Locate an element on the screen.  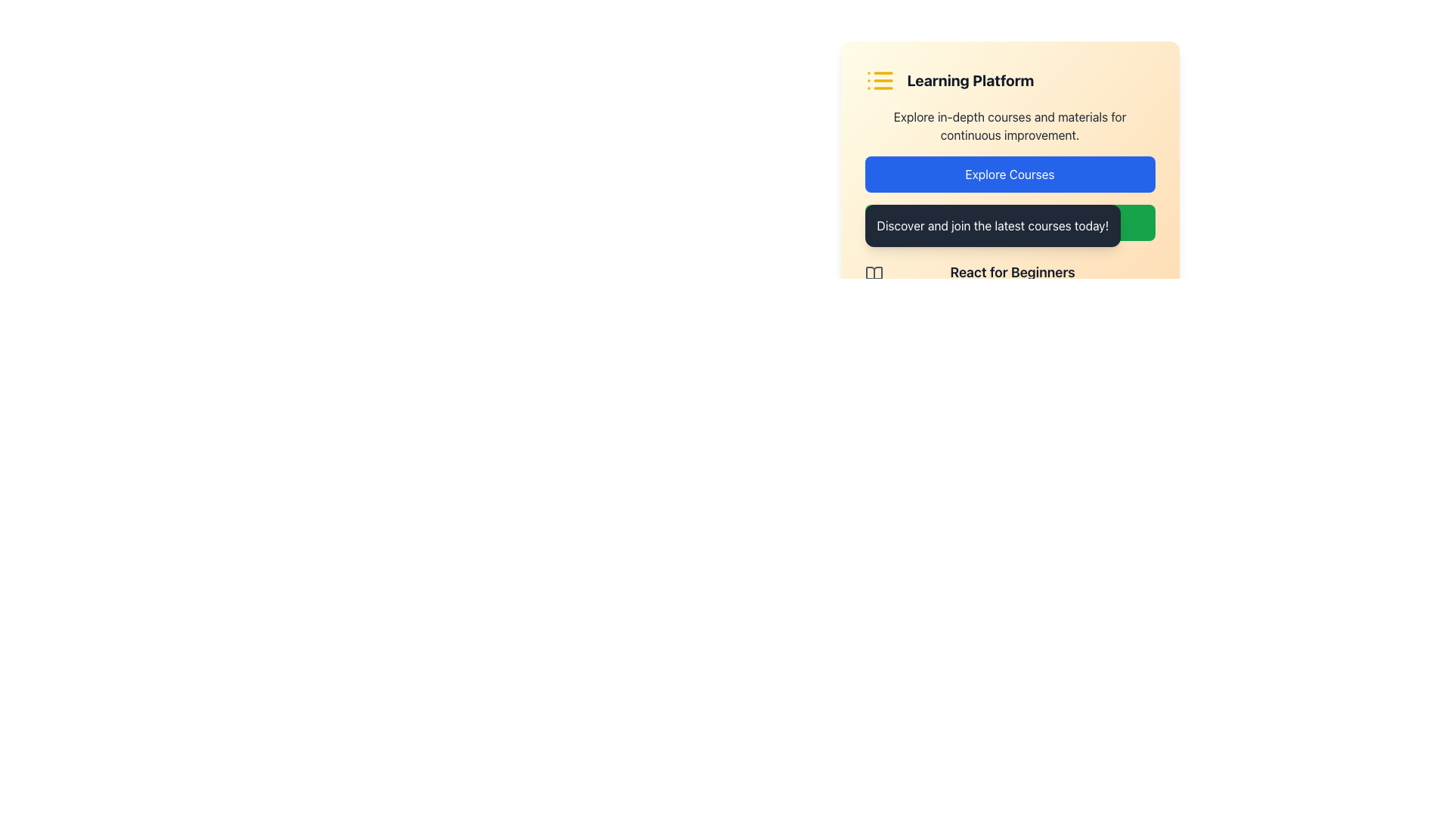
the 'Learning Platform' heading located at the top left of the course card is located at coordinates (1010, 81).